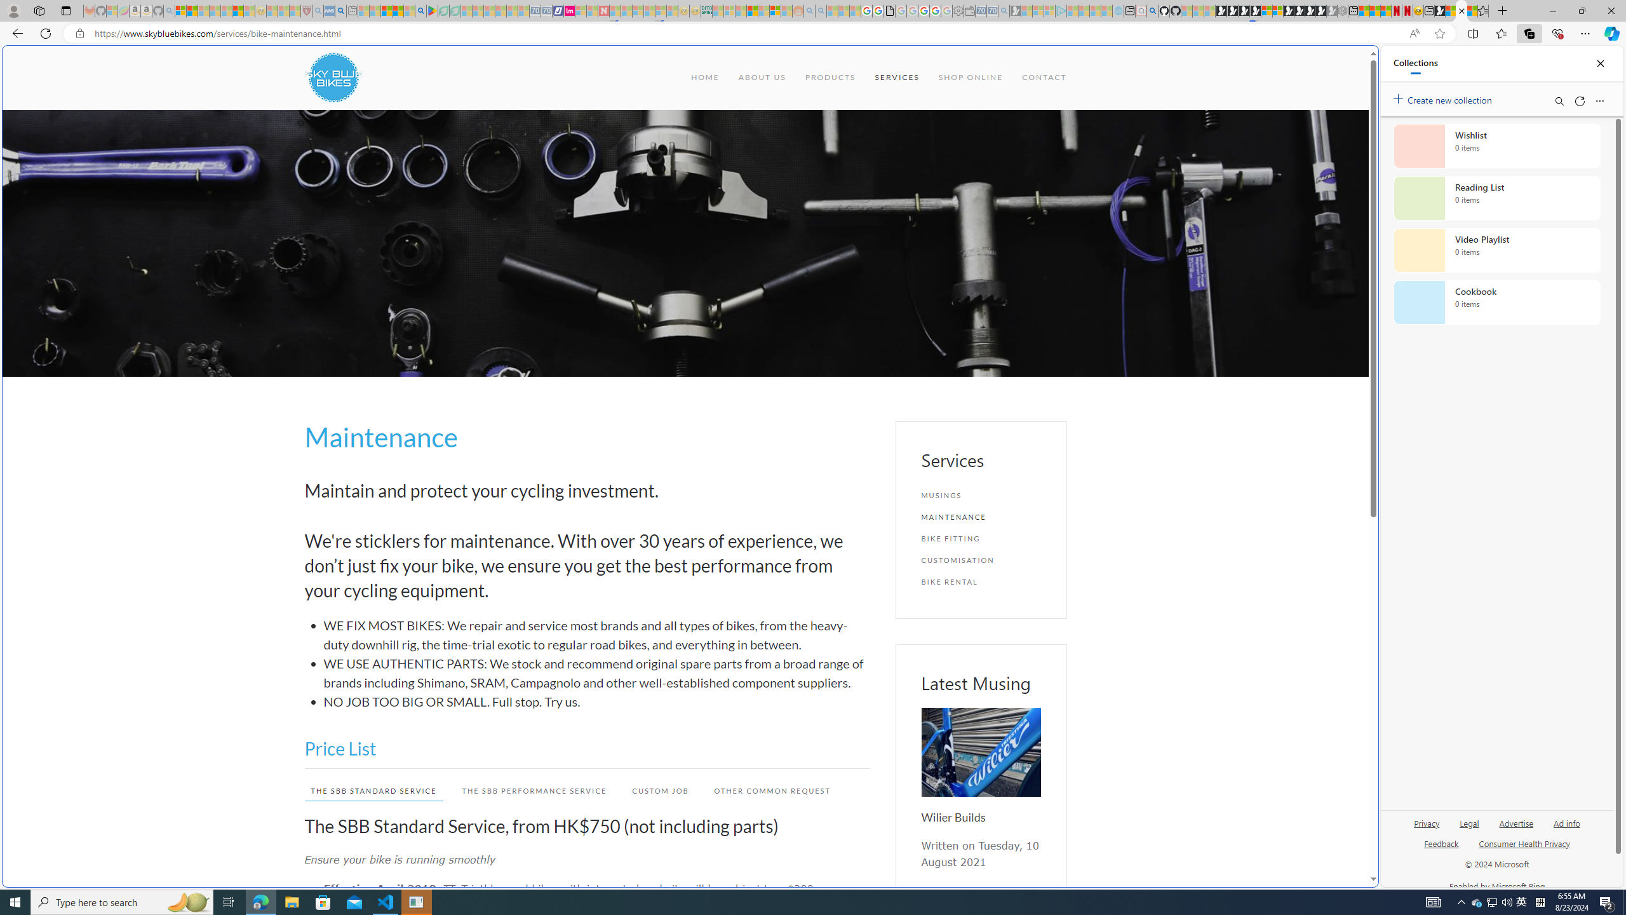  Describe the element at coordinates (704, 76) in the screenshot. I see `'HOME'` at that location.